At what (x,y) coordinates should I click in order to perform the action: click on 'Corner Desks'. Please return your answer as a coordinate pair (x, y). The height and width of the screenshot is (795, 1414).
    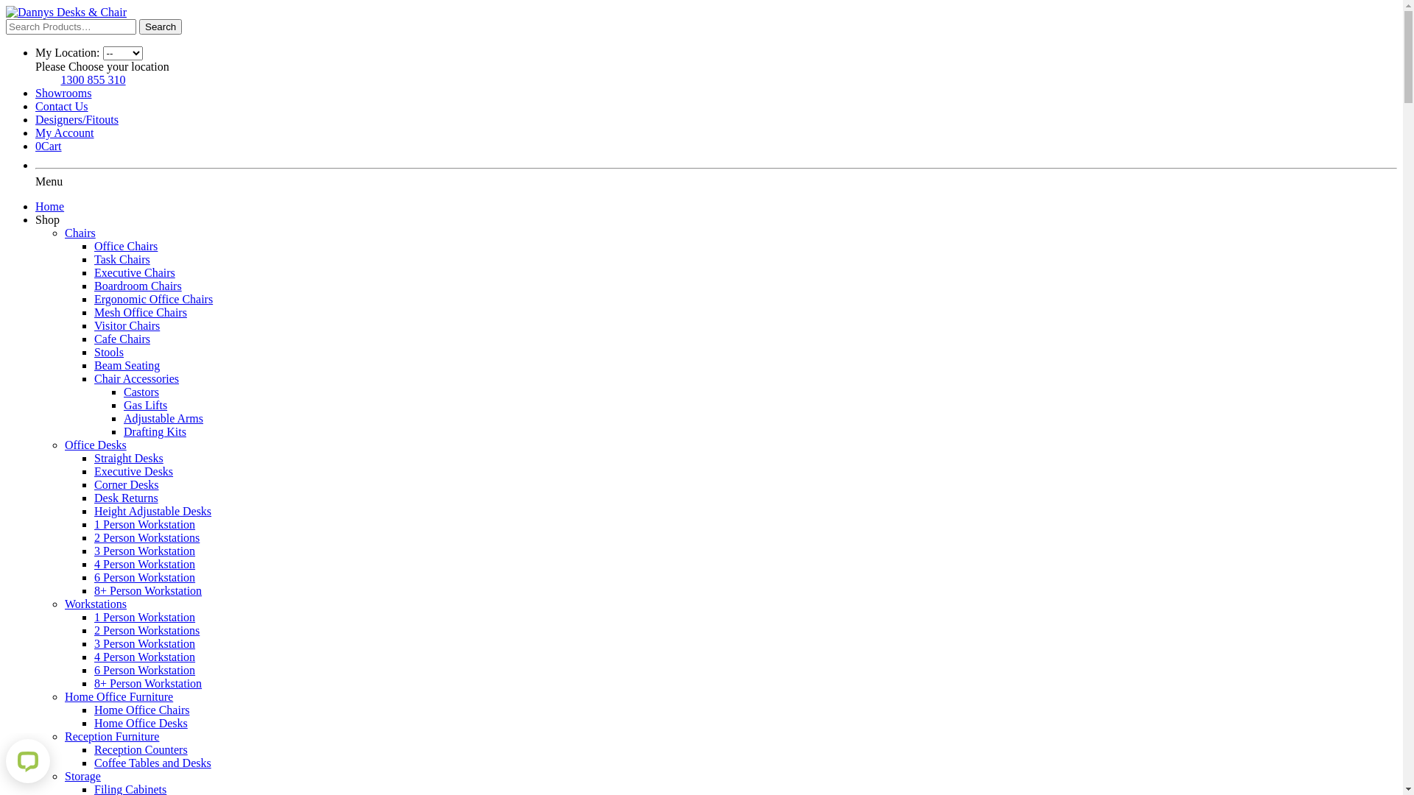
    Looking at the image, I should click on (127, 484).